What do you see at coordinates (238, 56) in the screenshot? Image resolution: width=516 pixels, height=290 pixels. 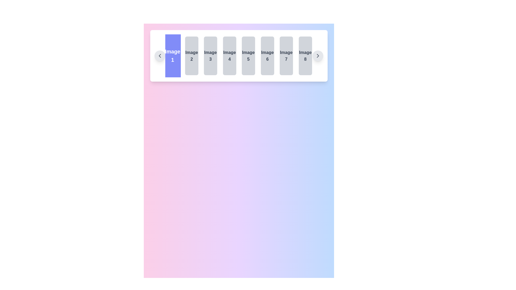 I see `the tile labeled 'Image 1' in the carousel, which is the first tile with a blue background and white text` at bounding box center [238, 56].